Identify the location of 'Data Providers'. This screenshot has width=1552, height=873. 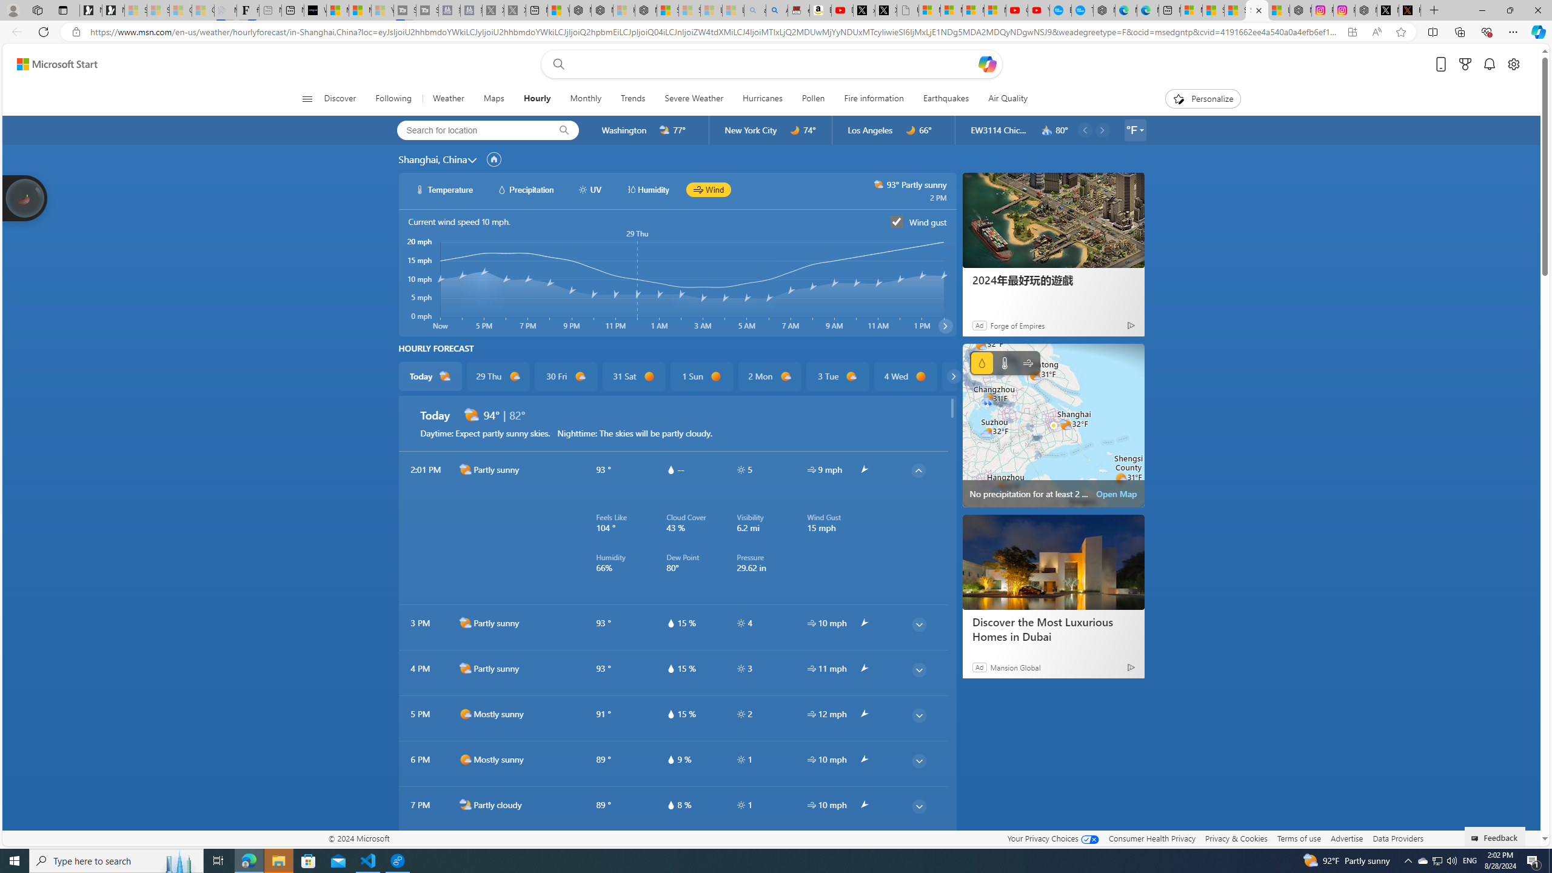
(1397, 838).